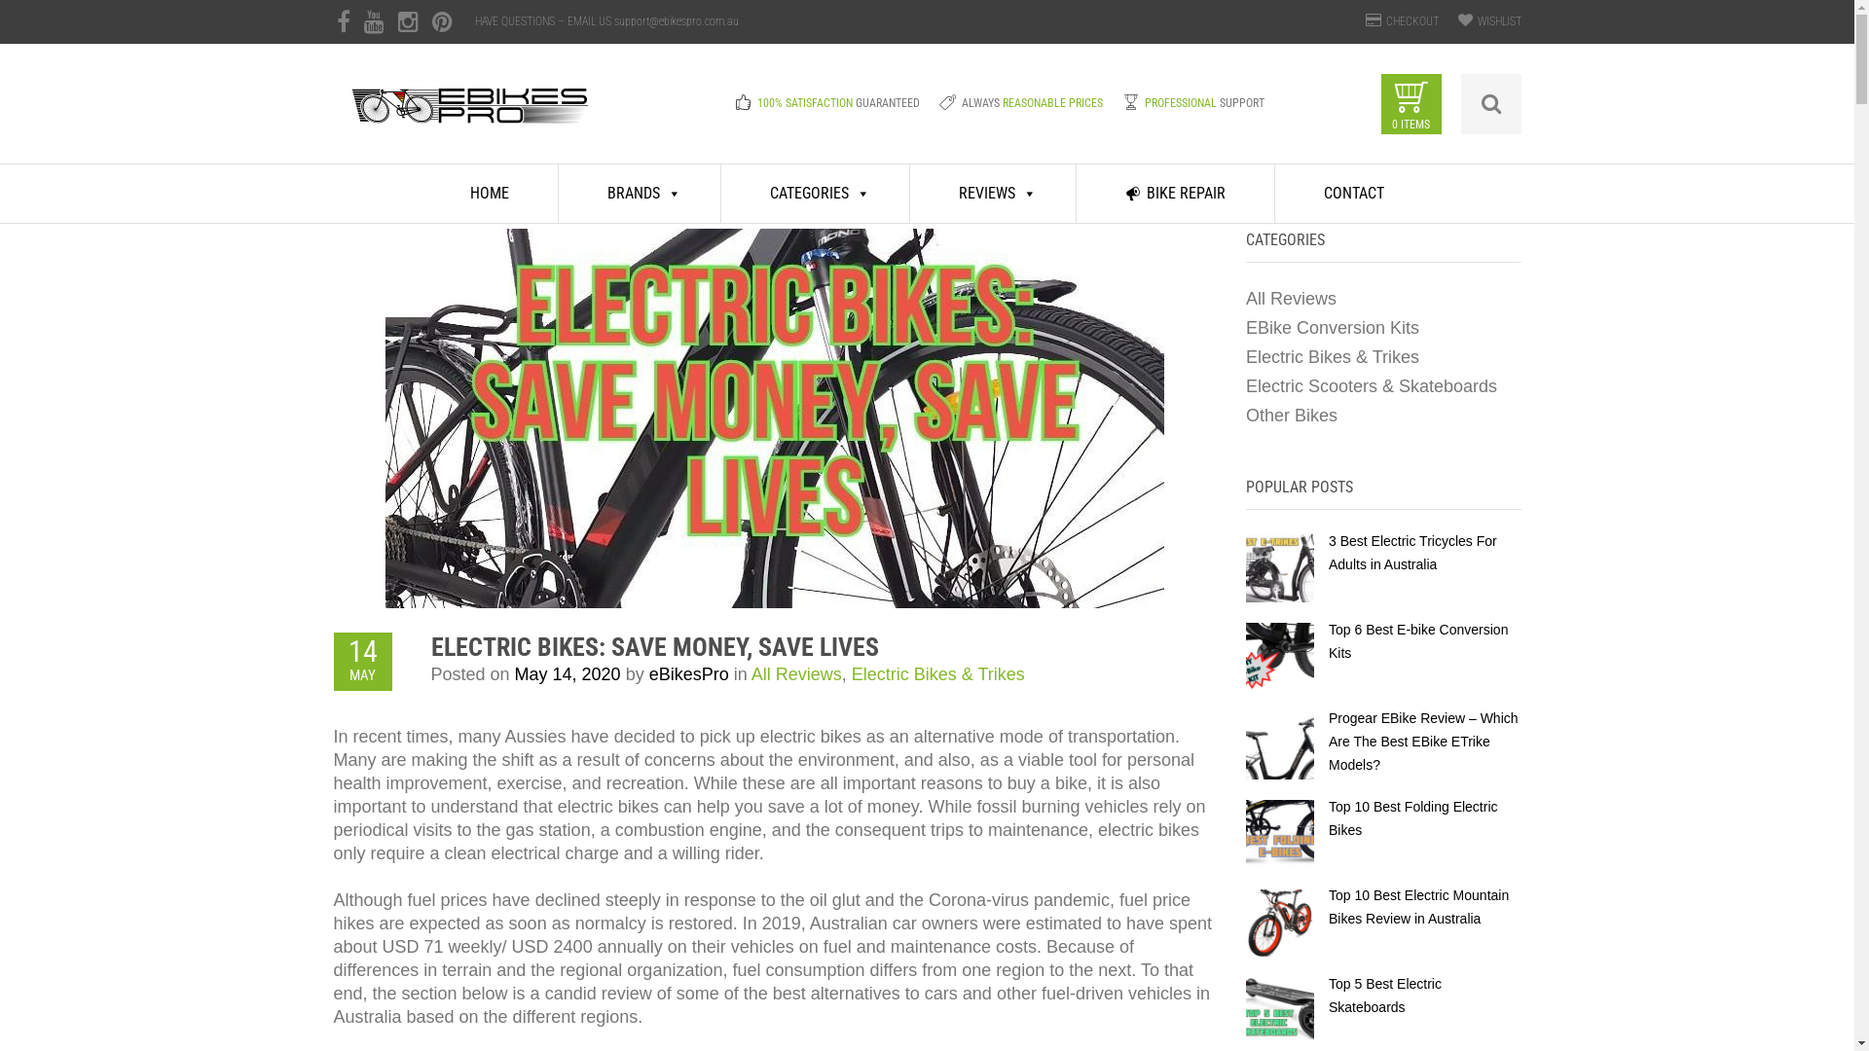  Describe the element at coordinates (440, 22) in the screenshot. I see `'Connect us'` at that location.